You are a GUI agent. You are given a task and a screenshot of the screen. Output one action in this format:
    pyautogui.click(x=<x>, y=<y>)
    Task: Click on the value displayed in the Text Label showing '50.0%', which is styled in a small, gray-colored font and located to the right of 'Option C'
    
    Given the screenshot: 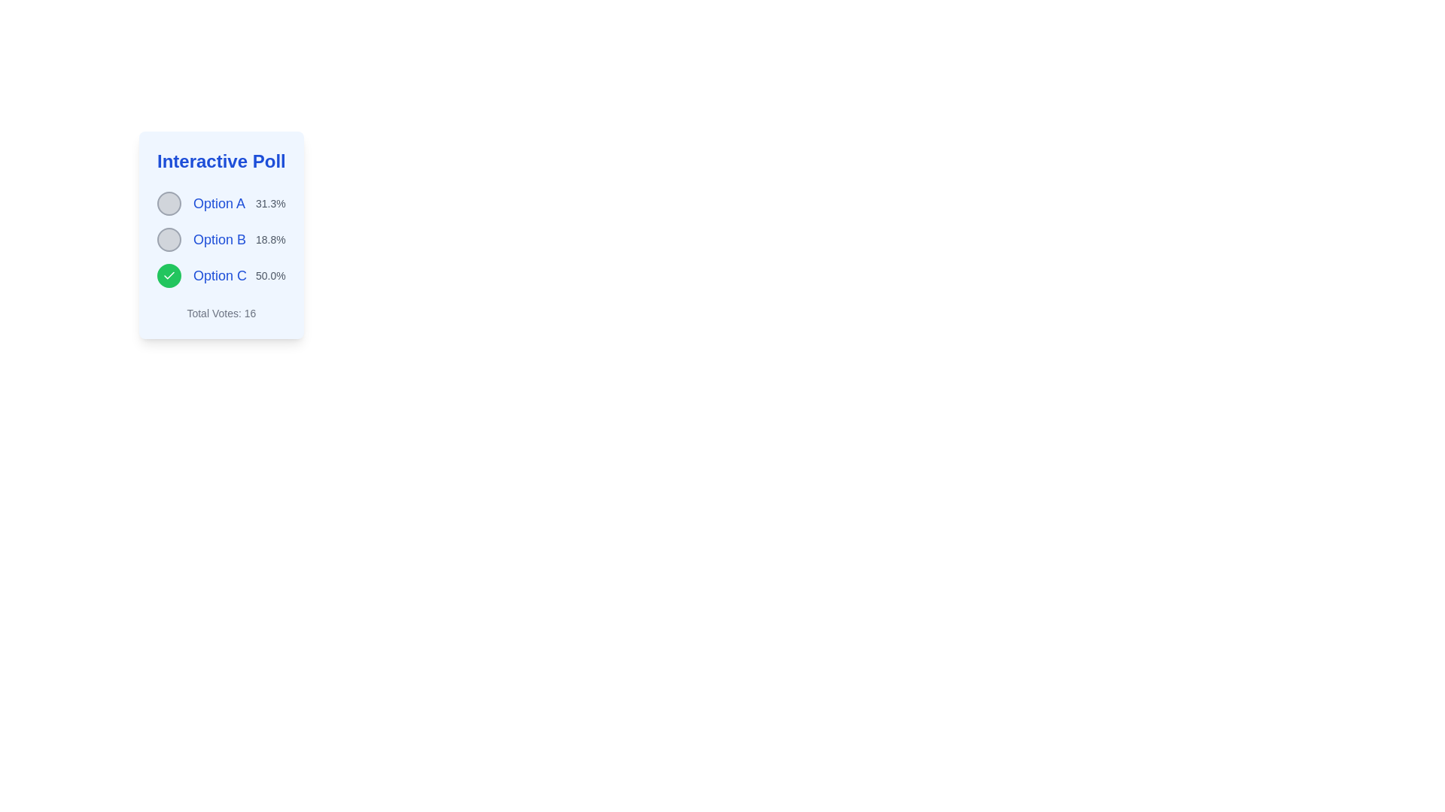 What is the action you would take?
    pyautogui.click(x=270, y=275)
    